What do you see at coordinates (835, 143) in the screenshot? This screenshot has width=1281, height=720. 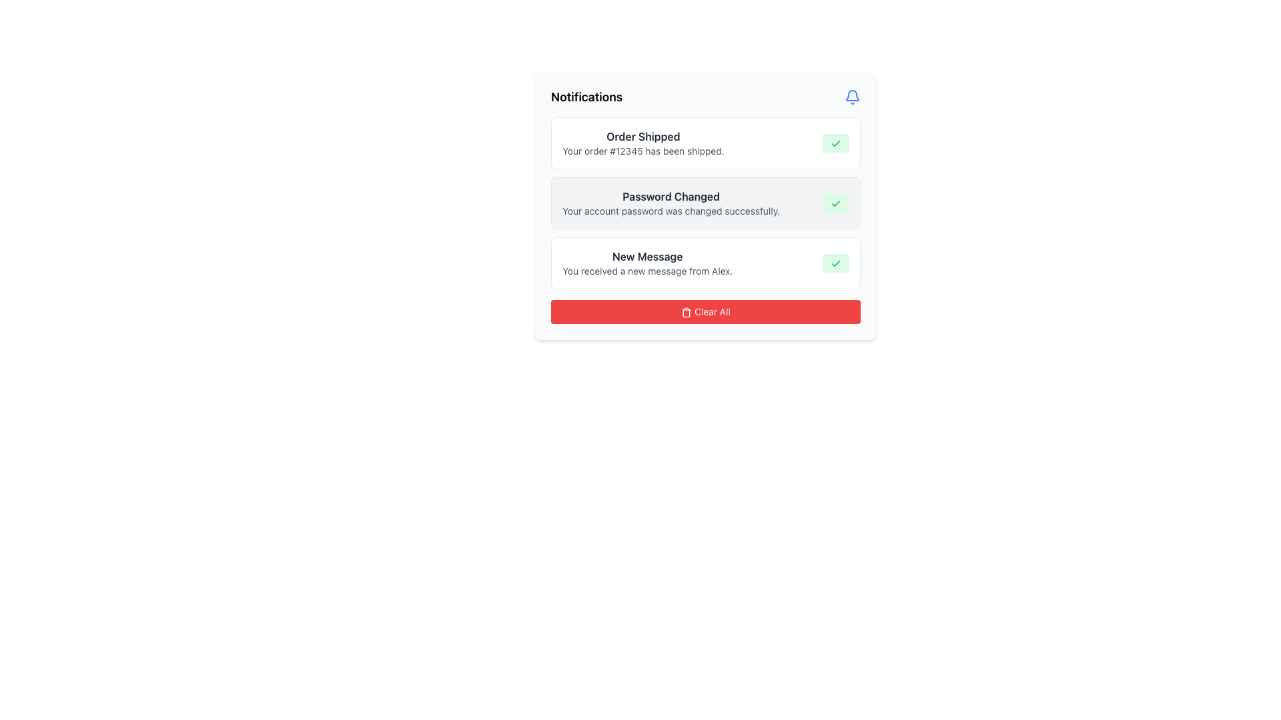 I see `the button with an icon located at the top-right corner of the 'Order Shipped' notification card to confirm the notification` at bounding box center [835, 143].